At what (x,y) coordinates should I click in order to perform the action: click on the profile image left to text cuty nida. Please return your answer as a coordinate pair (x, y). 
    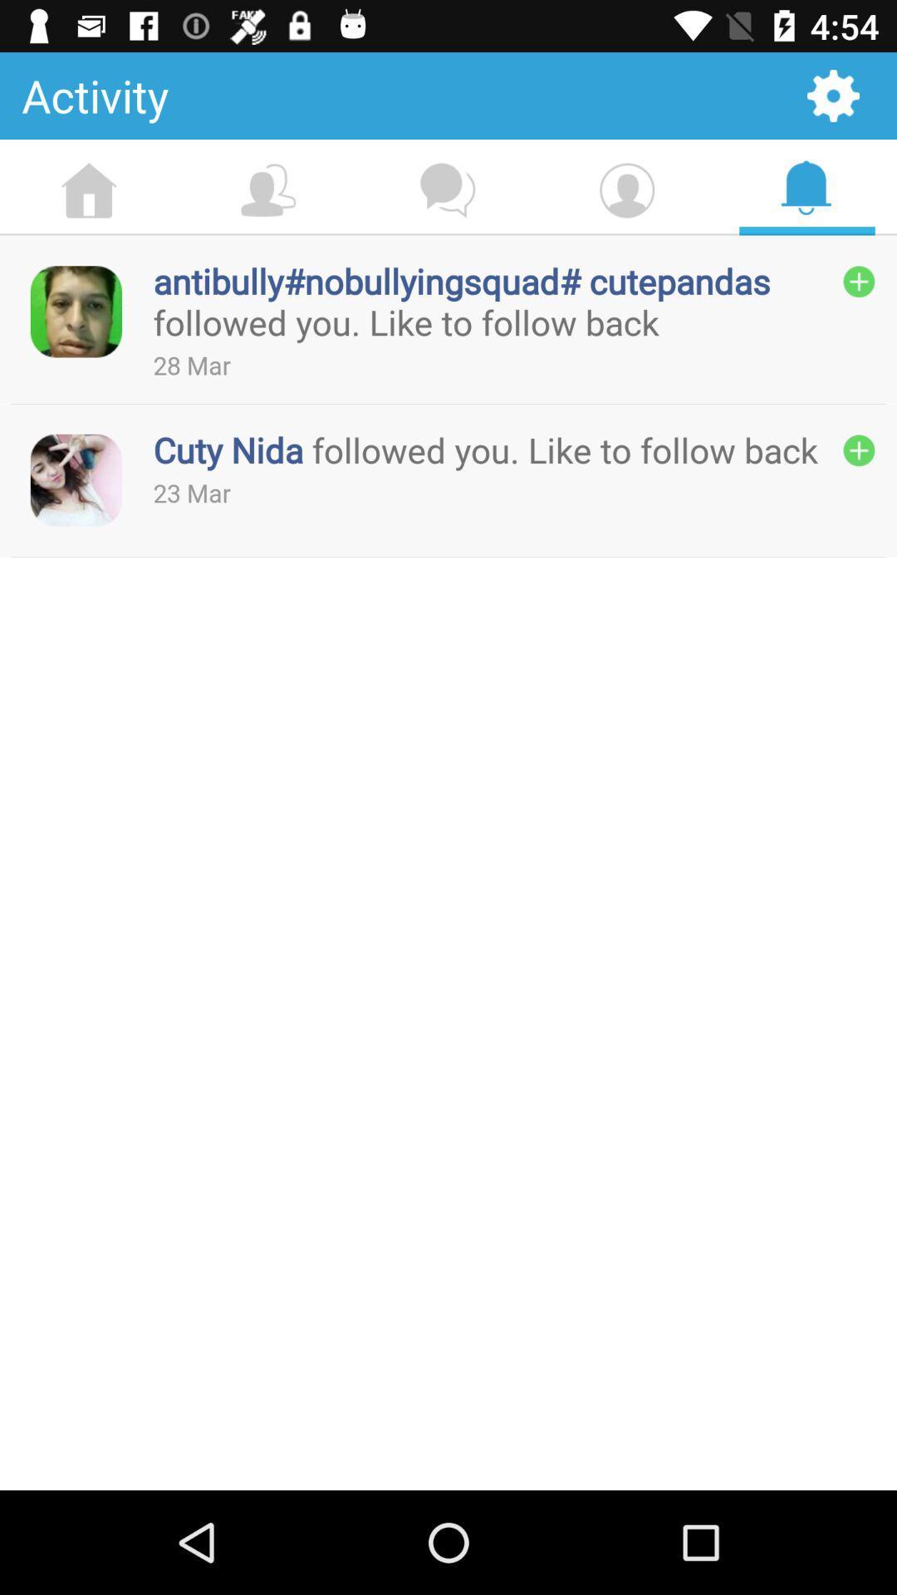
    Looking at the image, I should click on (76, 479).